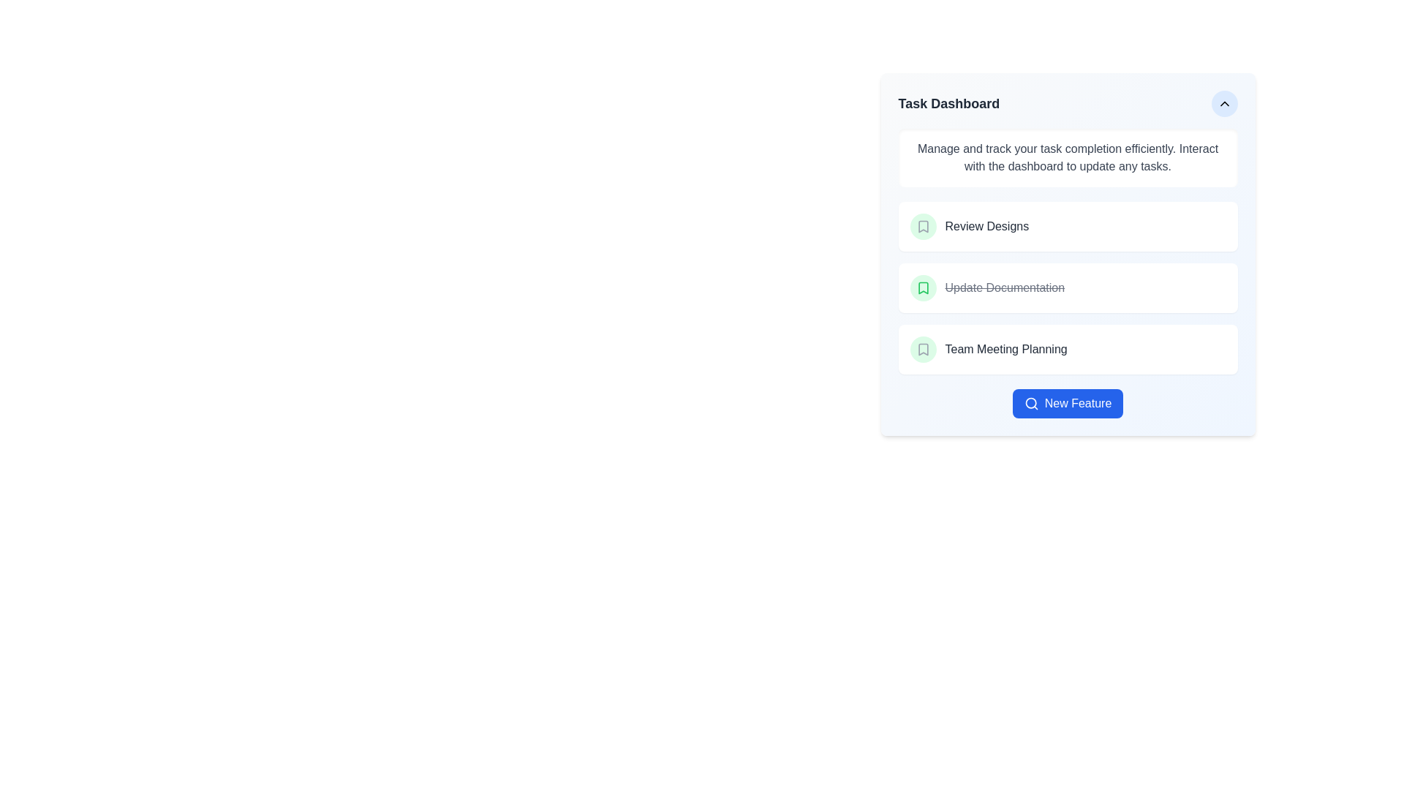 This screenshot has width=1404, height=790. What do you see at coordinates (1068, 403) in the screenshot?
I see `the button with bright blue background and 'New Feature' text` at bounding box center [1068, 403].